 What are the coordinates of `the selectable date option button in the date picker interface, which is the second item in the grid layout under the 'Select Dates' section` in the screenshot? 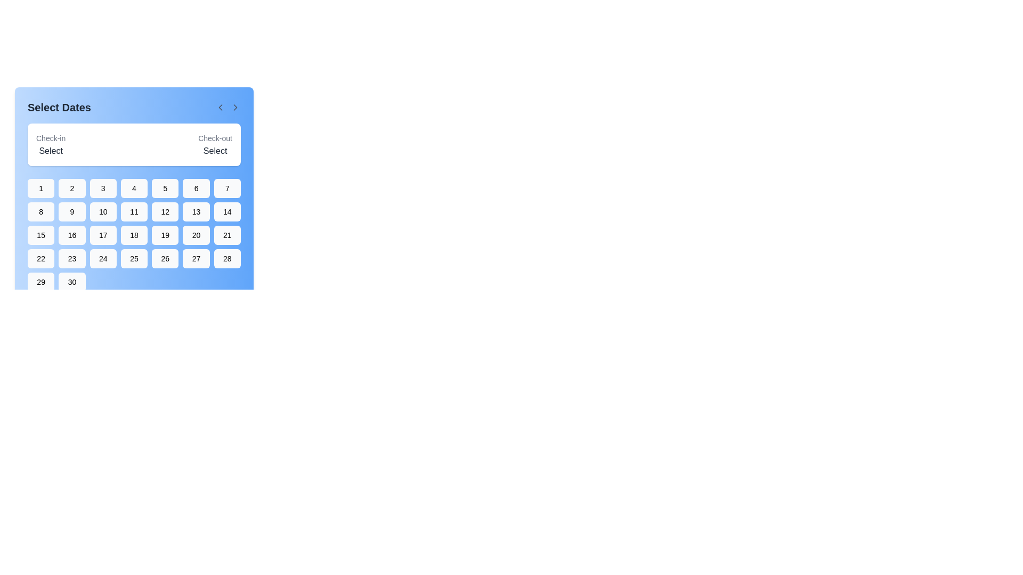 It's located at (71, 188).